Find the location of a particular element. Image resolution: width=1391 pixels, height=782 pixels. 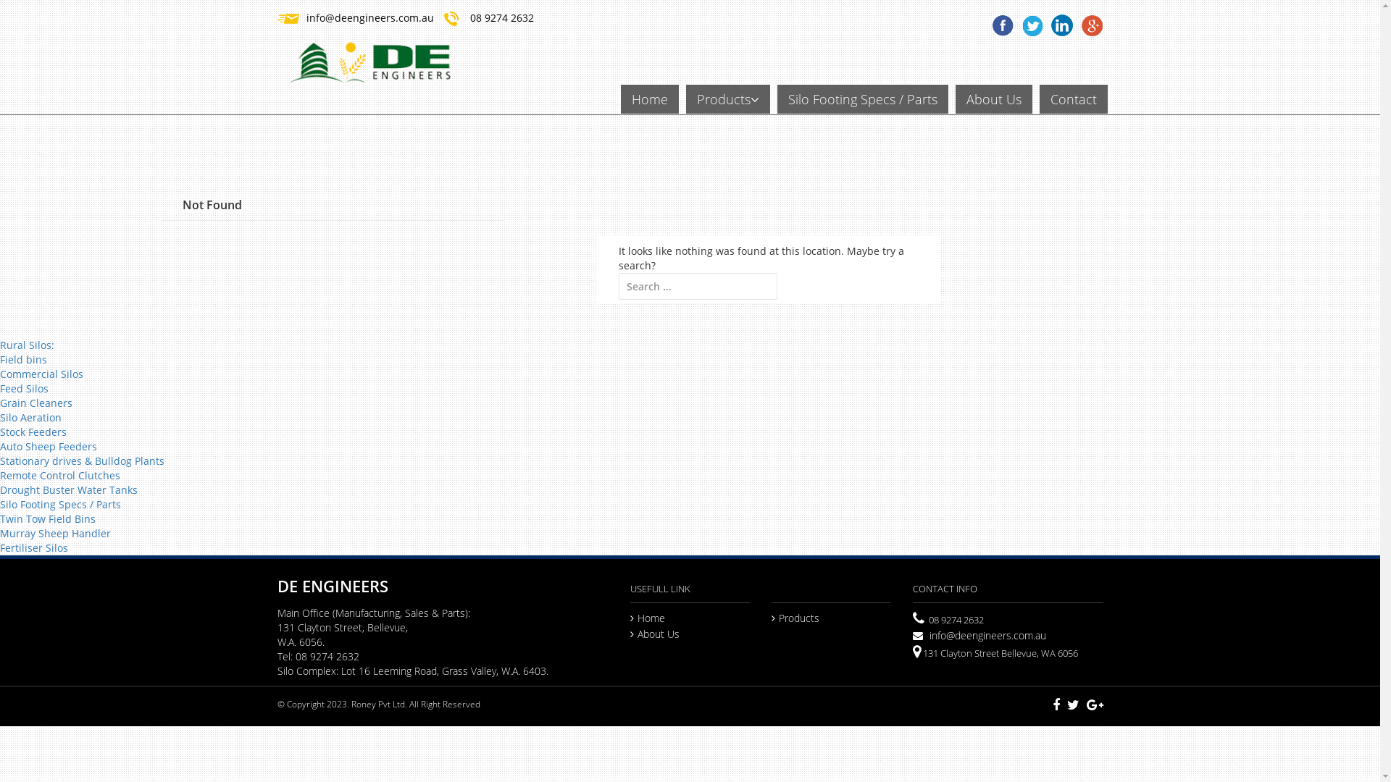

'Rural Silos:' is located at coordinates (27, 345).